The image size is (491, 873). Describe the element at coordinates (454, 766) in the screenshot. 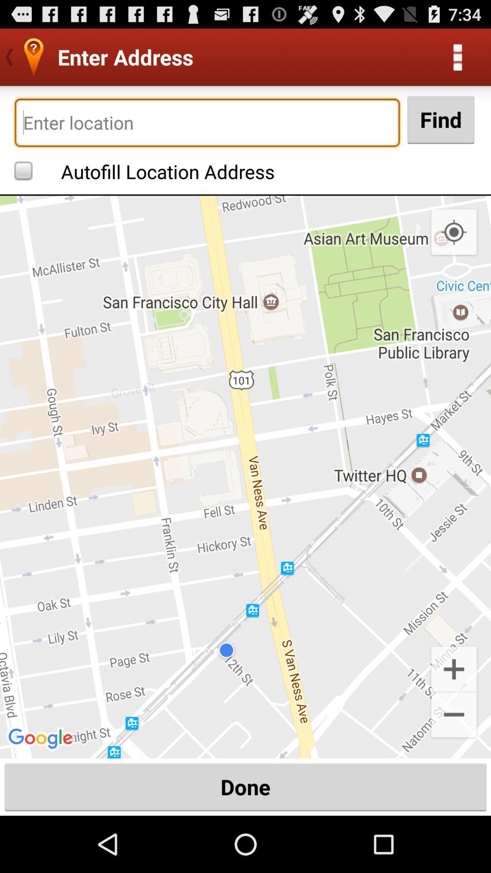

I see `the minus icon` at that location.